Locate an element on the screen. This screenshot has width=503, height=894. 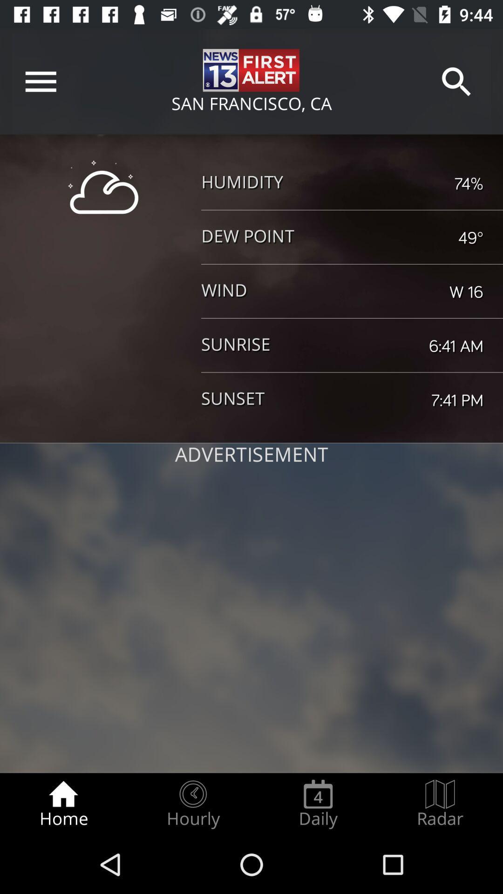
the icon next to radar radio button is located at coordinates (318, 804).